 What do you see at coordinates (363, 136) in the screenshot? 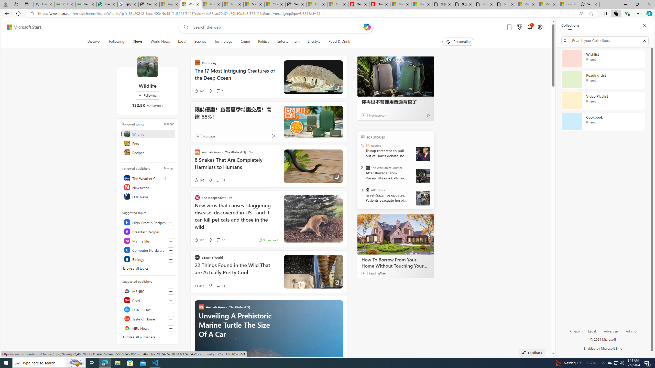
I see `'TOP'` at bounding box center [363, 136].